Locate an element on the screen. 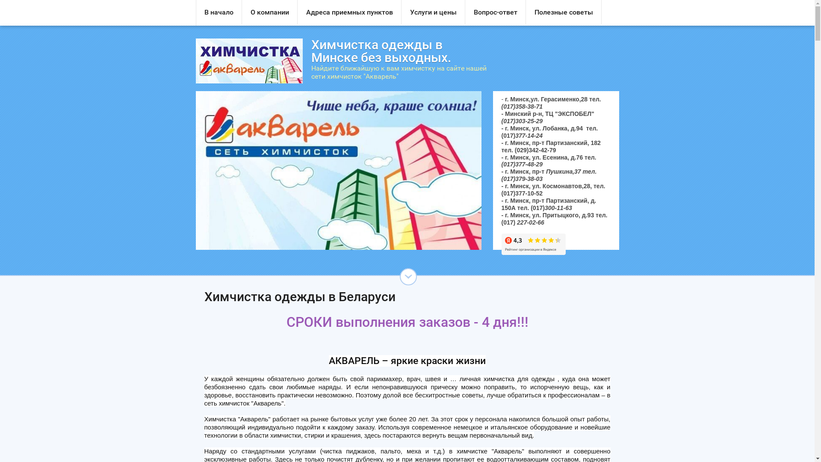  '(017) 227-02-66' is located at coordinates (522, 222).